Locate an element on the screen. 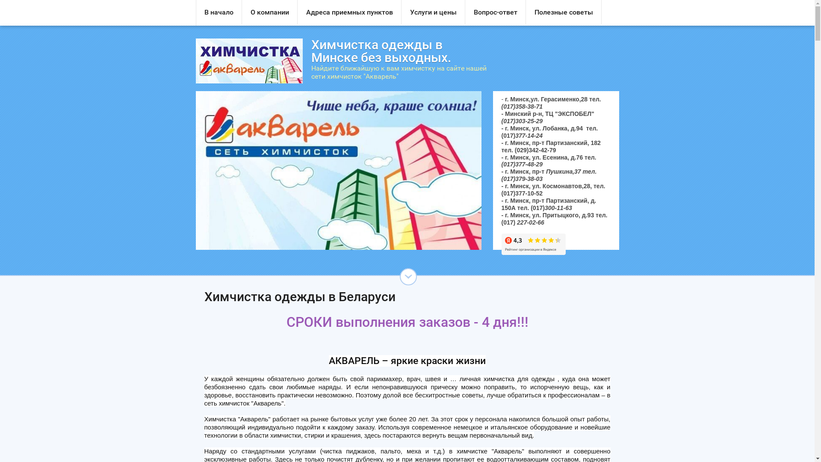  '(017) 227-02-66' is located at coordinates (522, 222).